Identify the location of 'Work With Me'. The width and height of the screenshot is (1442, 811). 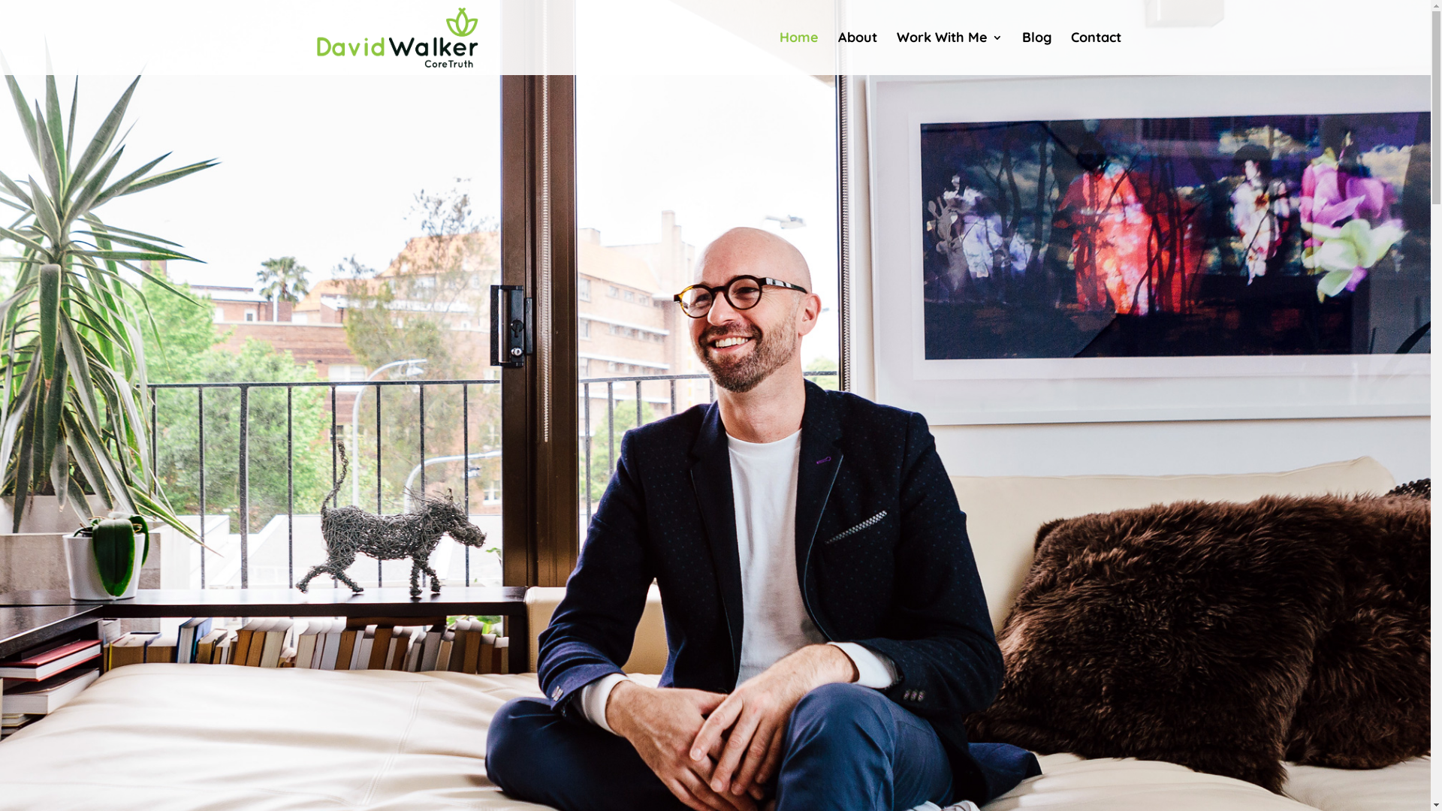
(897, 53).